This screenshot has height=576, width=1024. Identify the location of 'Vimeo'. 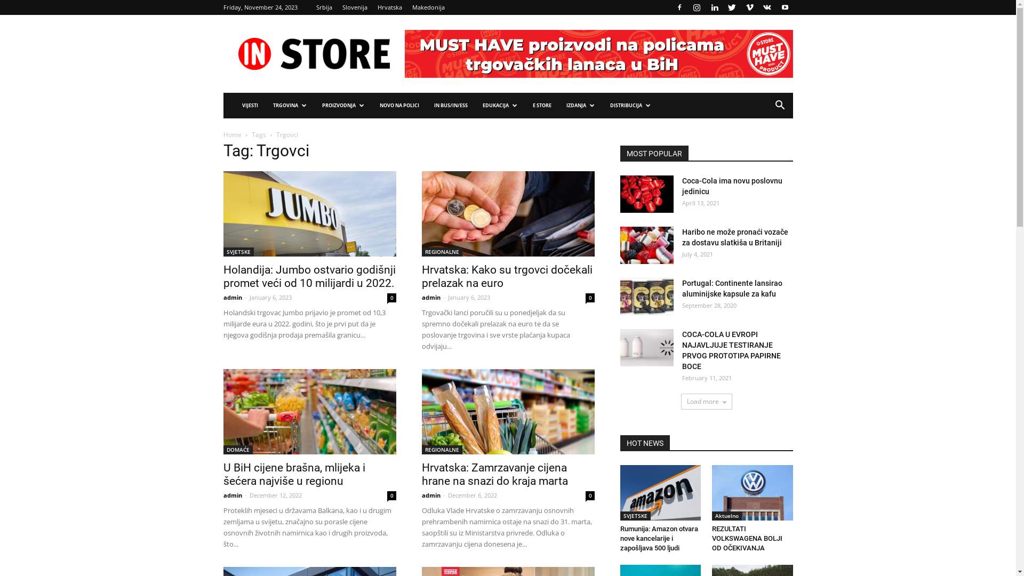
(749, 7).